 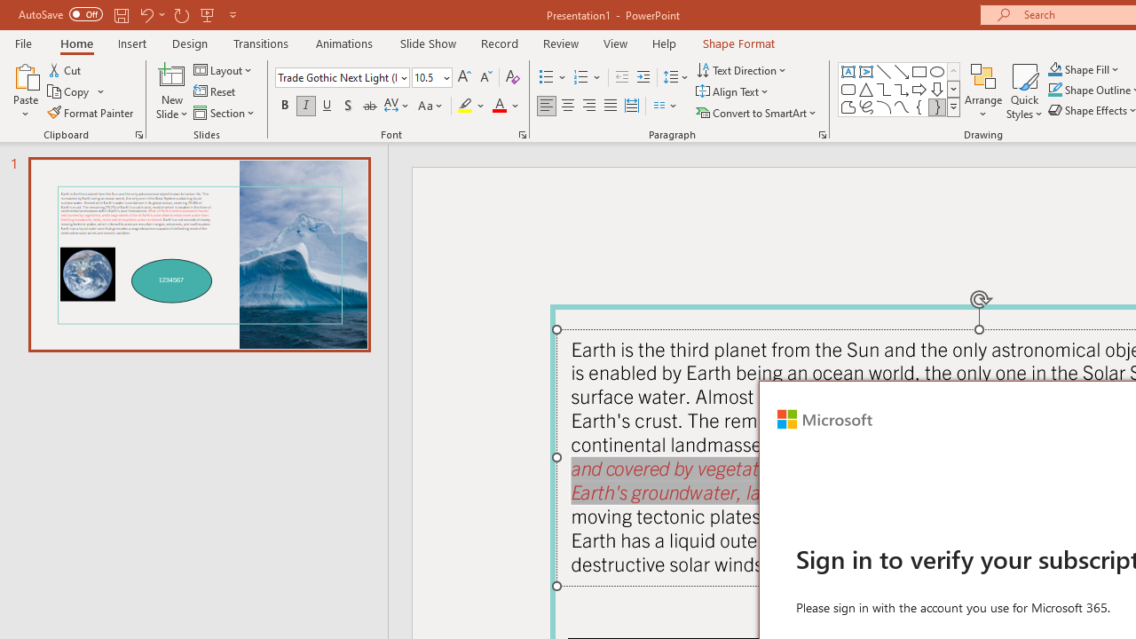 What do you see at coordinates (498, 106) in the screenshot?
I see `'Font Color Red'` at bounding box center [498, 106].